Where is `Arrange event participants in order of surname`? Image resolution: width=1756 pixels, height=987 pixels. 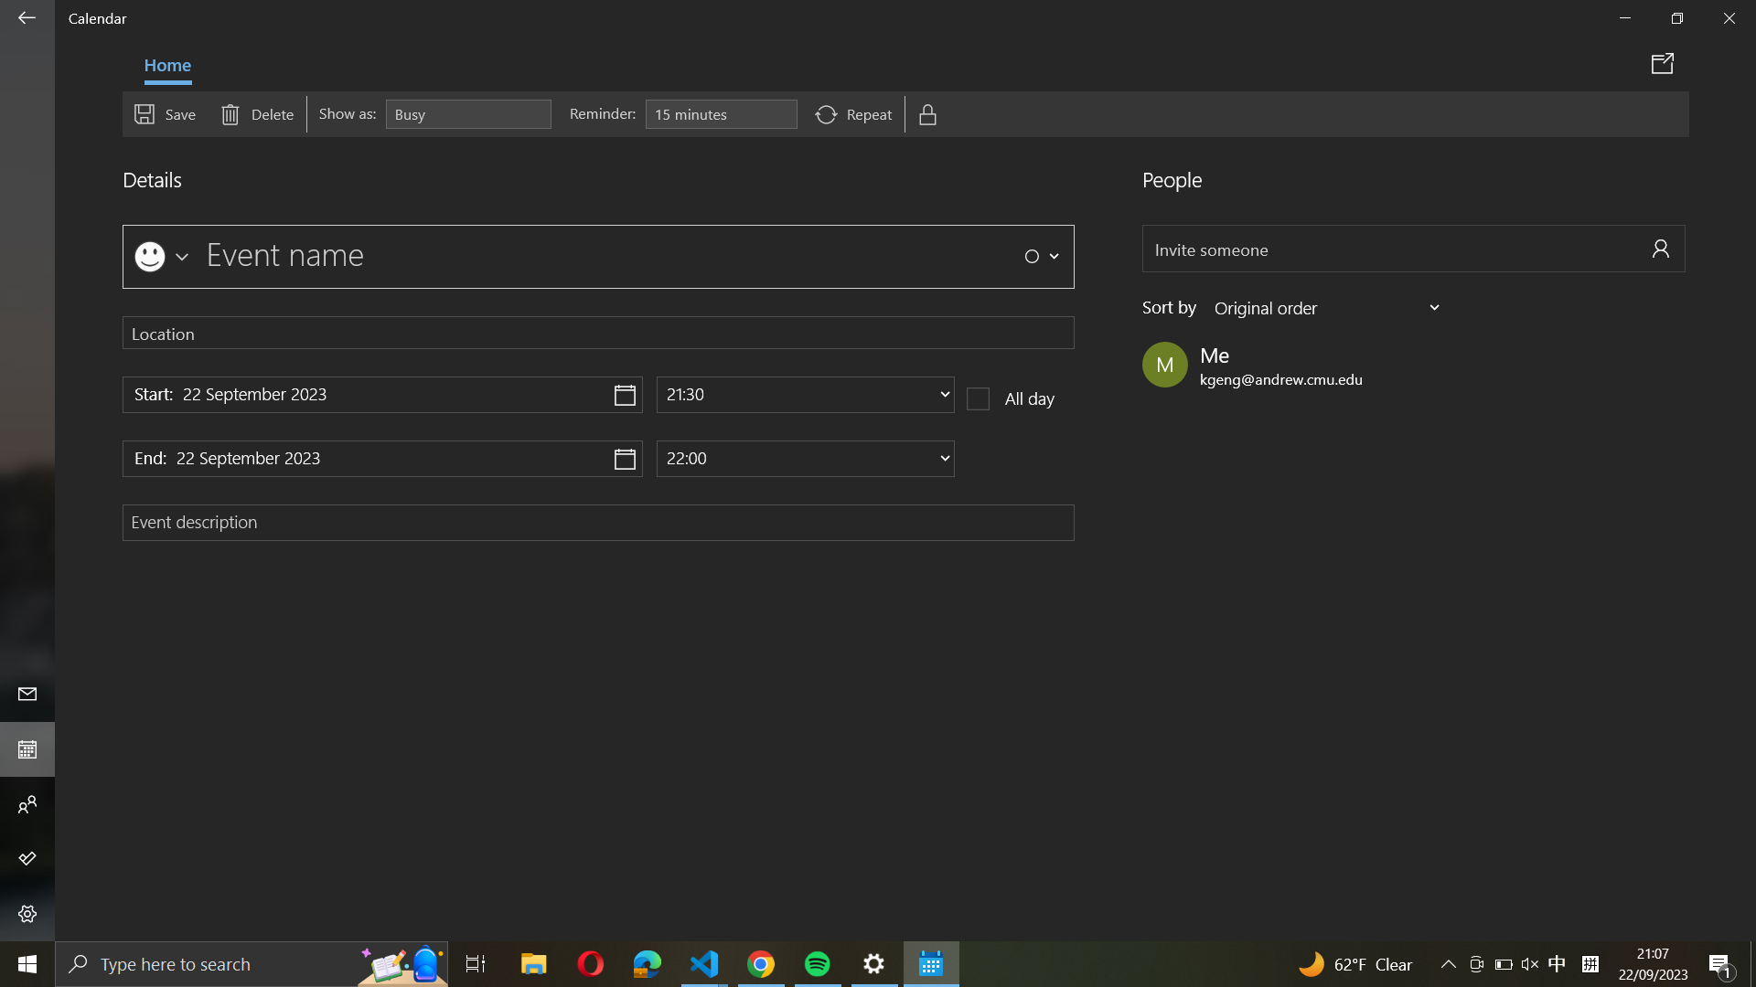 Arrange event participants in order of surname is located at coordinates (1329, 306).